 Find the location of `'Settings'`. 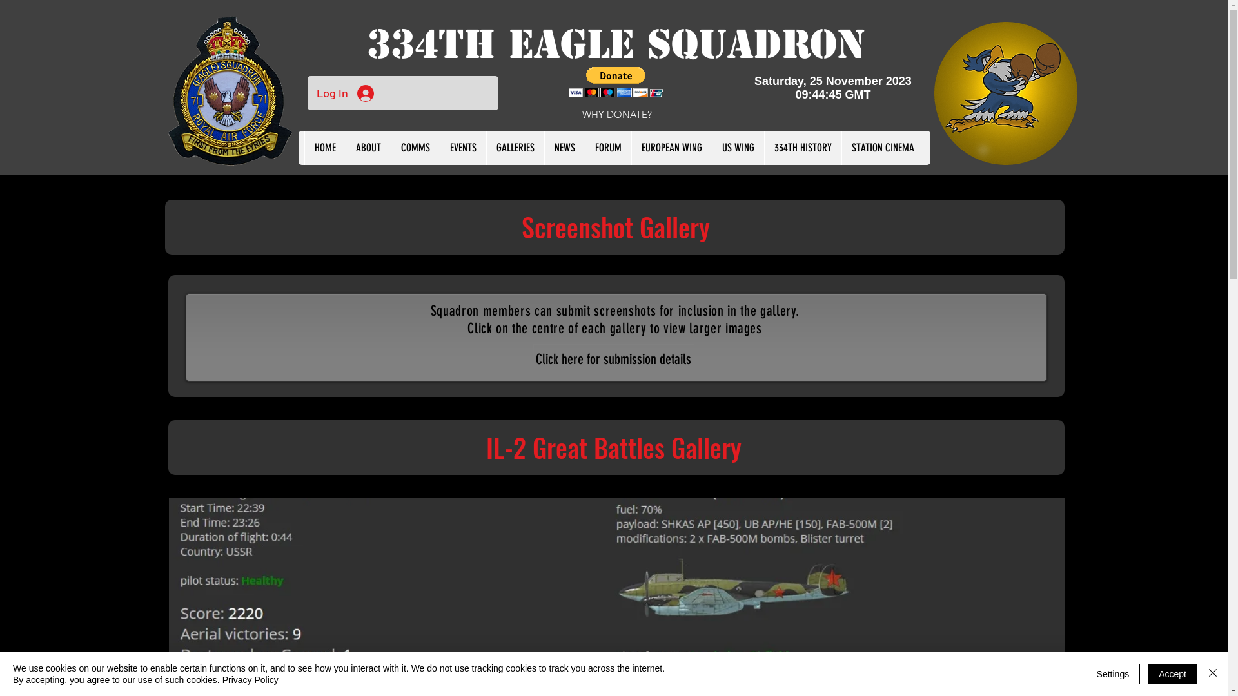

'Settings' is located at coordinates (1112, 673).